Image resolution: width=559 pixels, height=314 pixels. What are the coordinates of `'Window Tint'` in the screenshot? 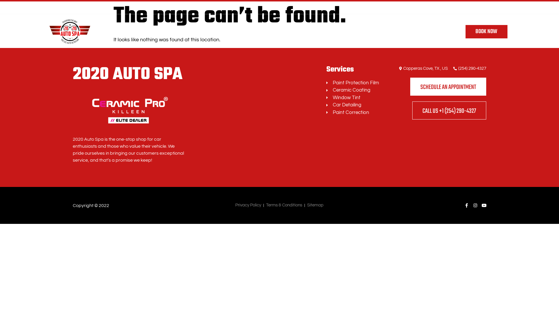 It's located at (355, 97).